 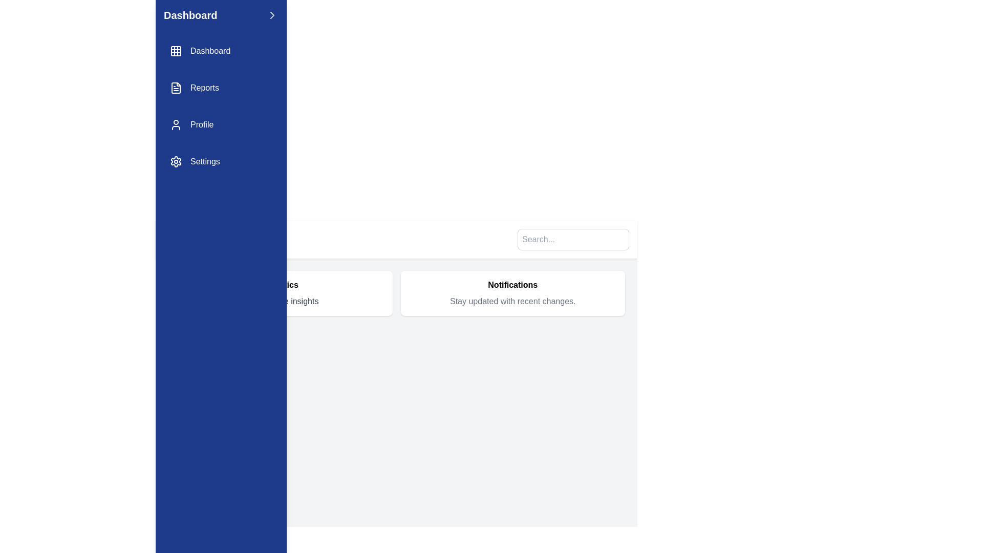 I want to click on the text label that reads 'Dashboard', which is prominently displayed in bold font on a blue background in the top-left section of the layout, so click(x=190, y=15).